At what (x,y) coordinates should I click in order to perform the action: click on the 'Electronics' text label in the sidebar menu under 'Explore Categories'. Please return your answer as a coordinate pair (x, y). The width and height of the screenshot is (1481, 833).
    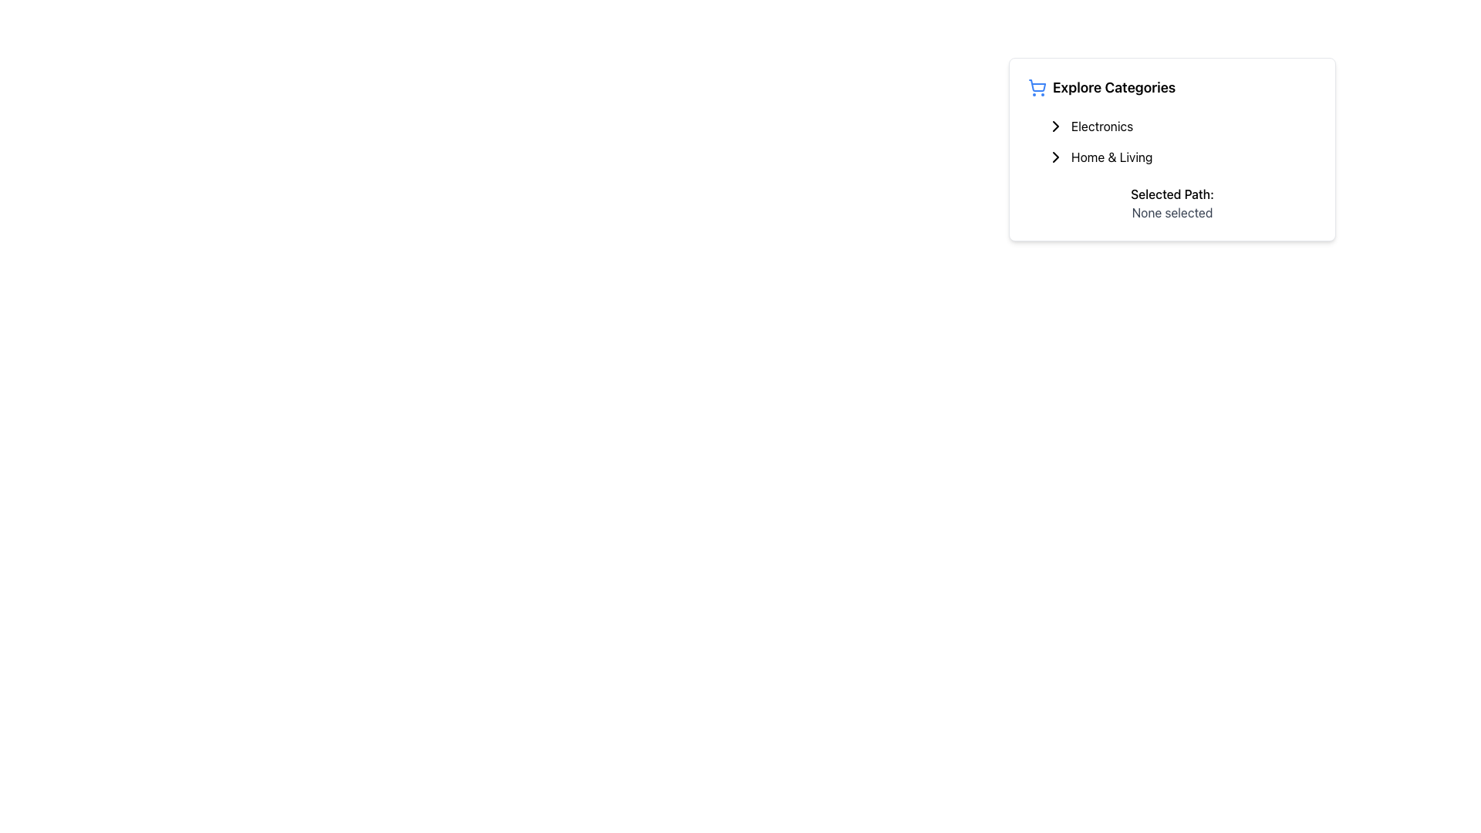
    Looking at the image, I should click on (1101, 126).